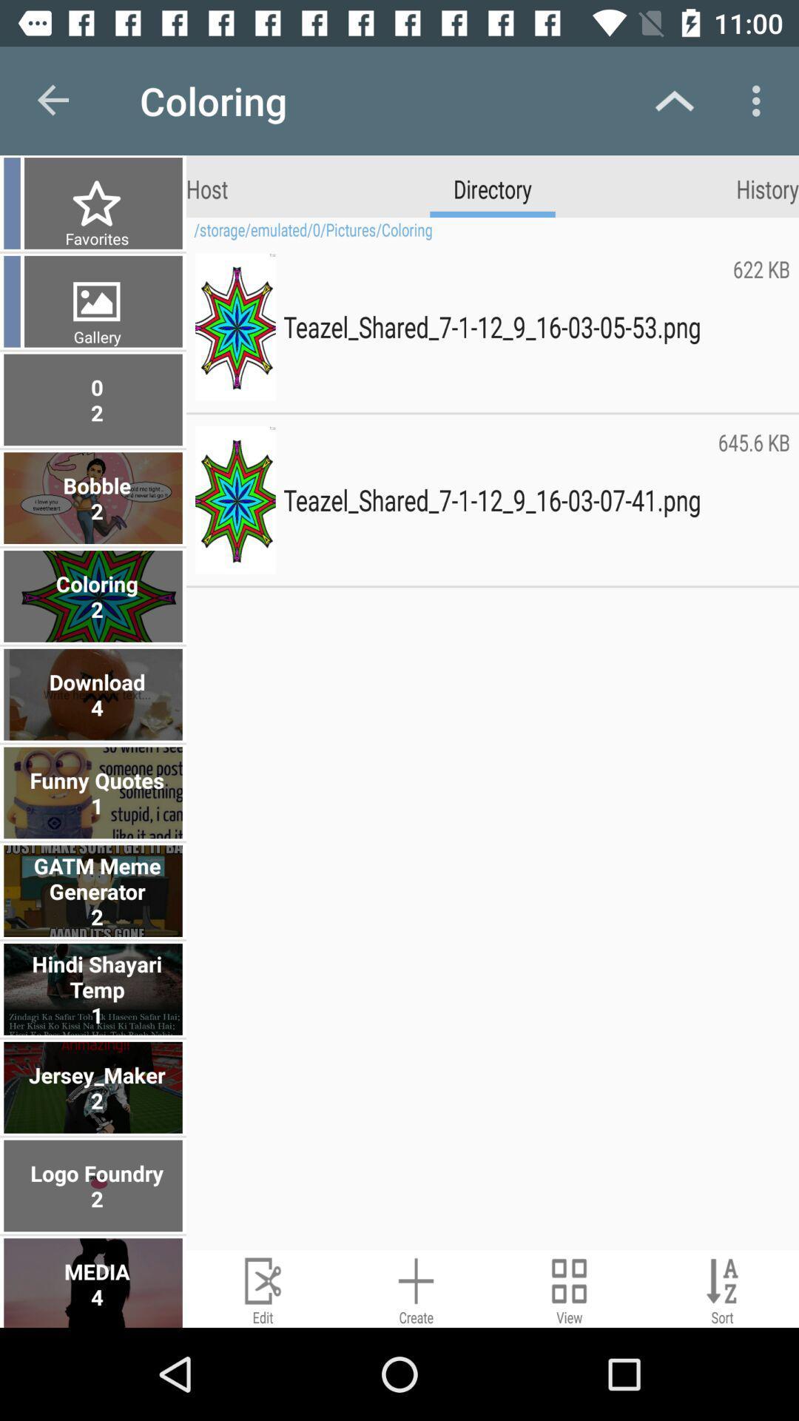 The image size is (799, 1421). What do you see at coordinates (95, 693) in the screenshot?
I see `the download` at bounding box center [95, 693].